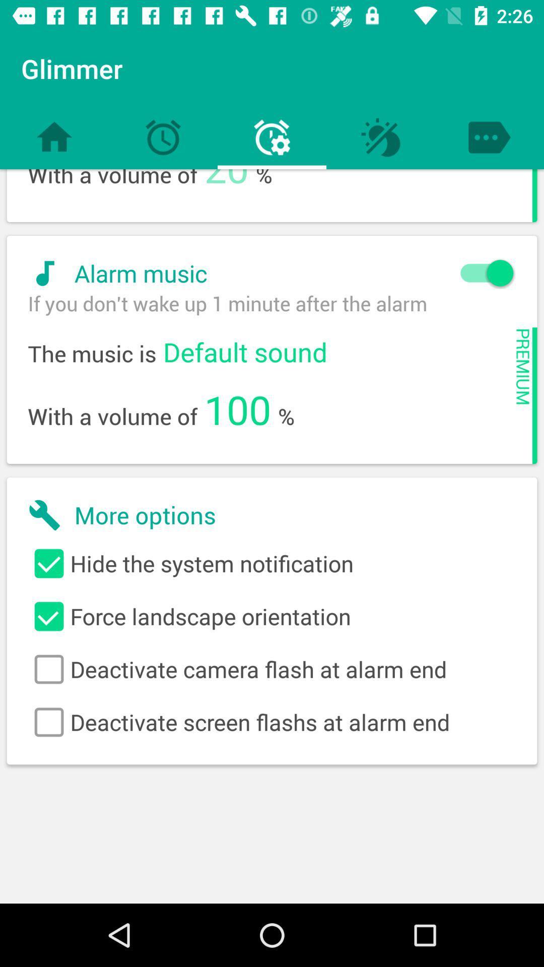 The width and height of the screenshot is (544, 967). What do you see at coordinates (272, 563) in the screenshot?
I see `the first check box along with the text beside it` at bounding box center [272, 563].